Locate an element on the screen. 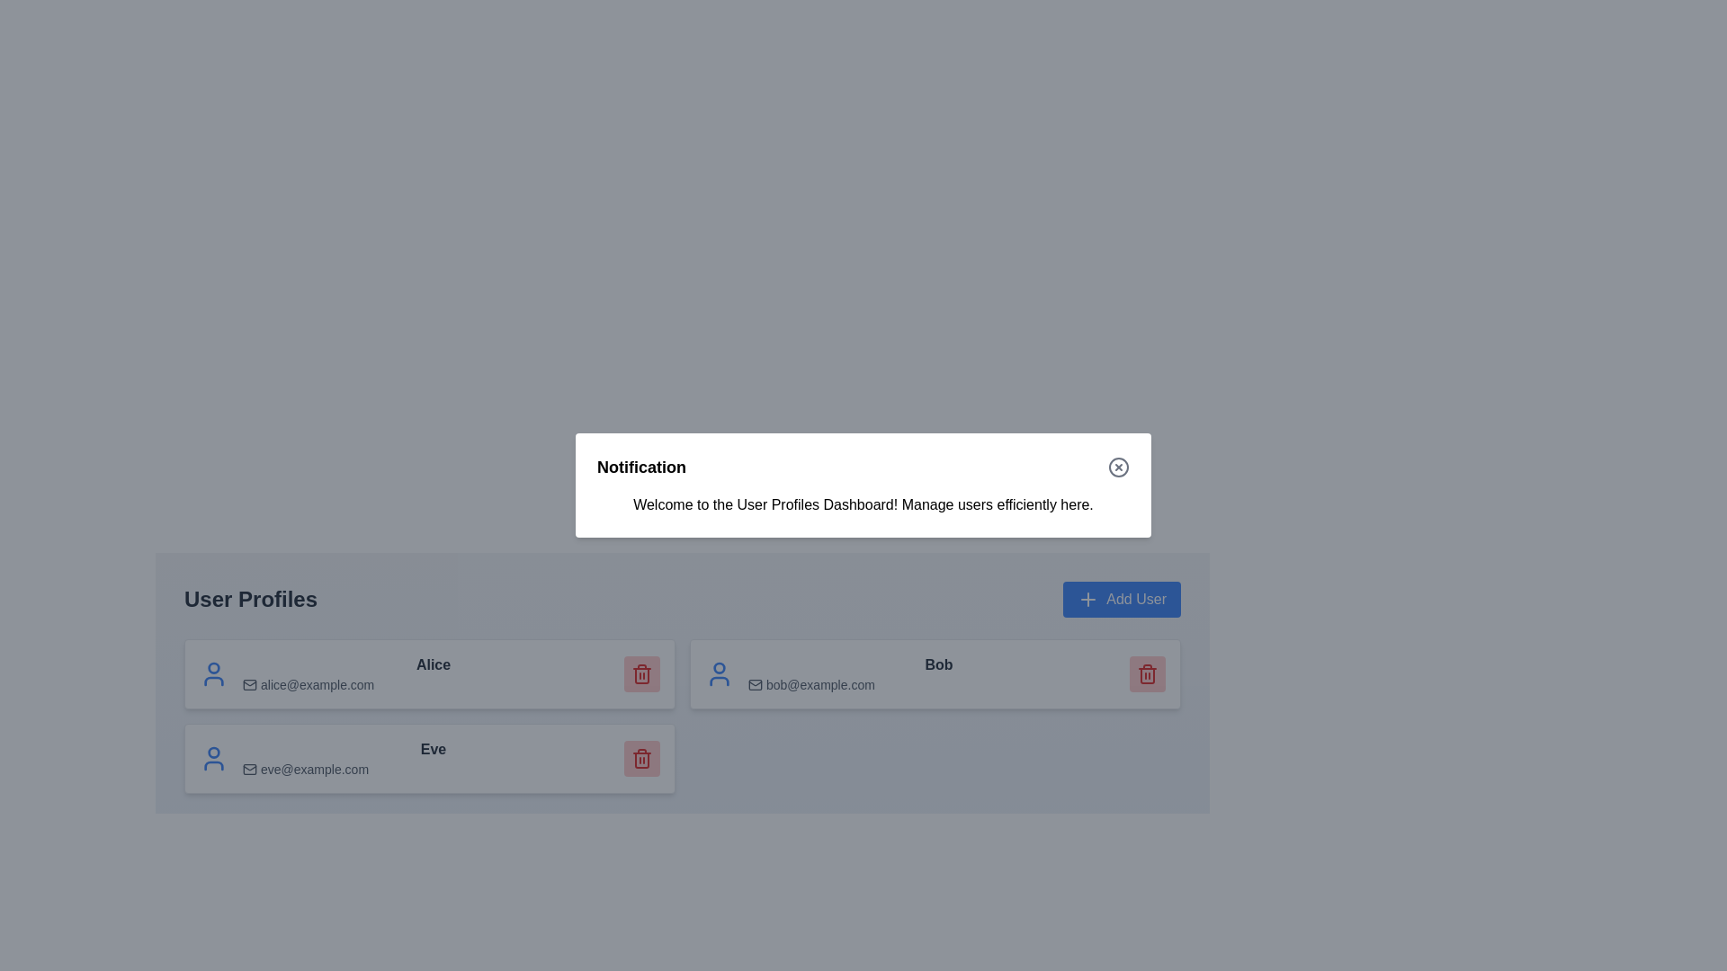 This screenshot has width=1727, height=971. the user icon outlined in blue for 'Eve' located in the user profiles section, positioned left of the text 'Eve' and 'eve@example.com' is located at coordinates (214, 759).